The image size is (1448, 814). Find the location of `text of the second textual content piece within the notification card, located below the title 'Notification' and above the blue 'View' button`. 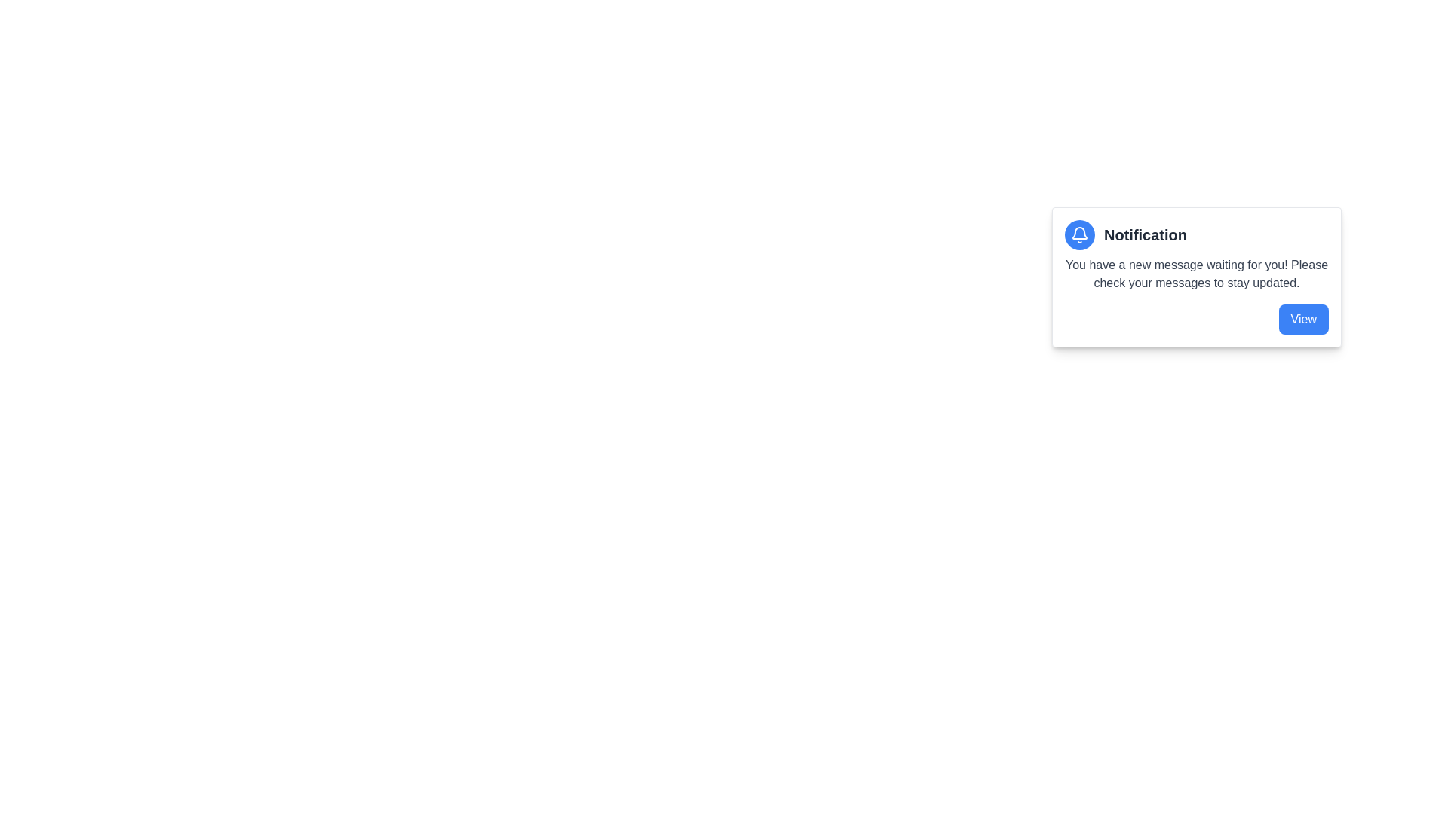

text of the second textual content piece within the notification card, located below the title 'Notification' and above the blue 'View' button is located at coordinates (1196, 274).